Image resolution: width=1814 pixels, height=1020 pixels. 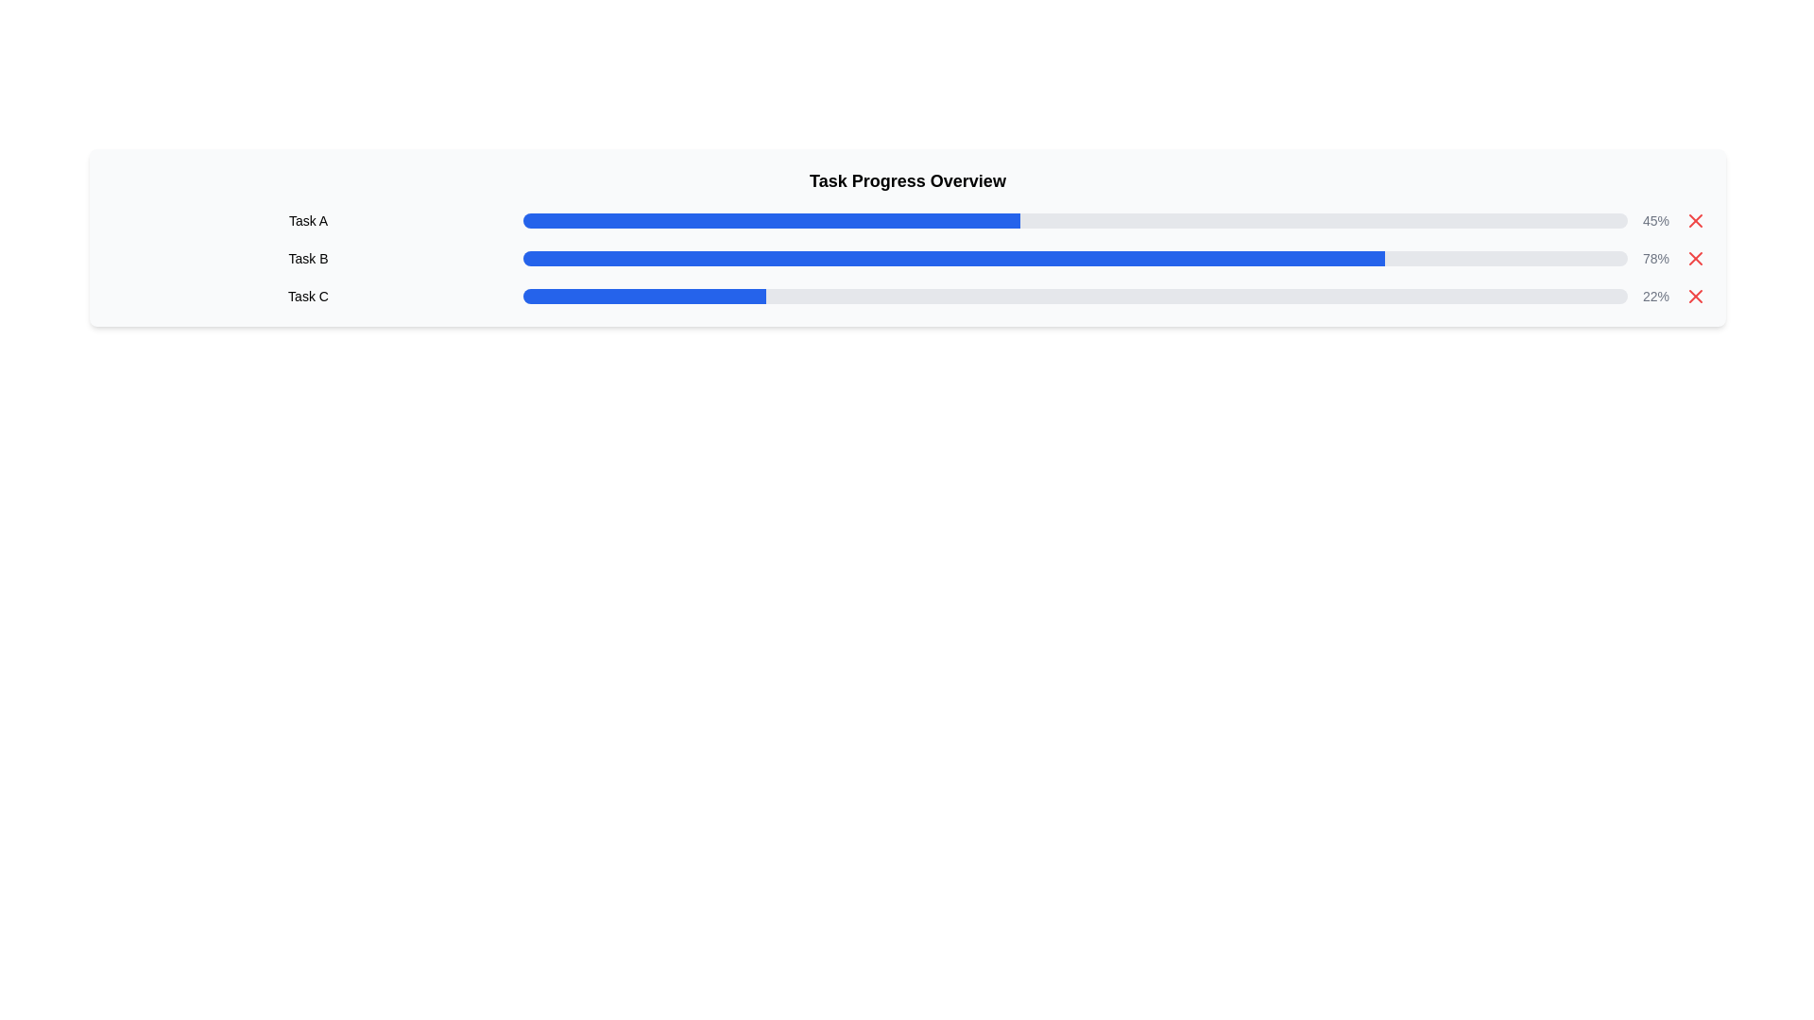 What do you see at coordinates (1075, 220) in the screenshot?
I see `the horizontal progress bar located centrally within the row labeled 'Task A', which is styled with rounded corners and shows a blue filled portion representing progress` at bounding box center [1075, 220].